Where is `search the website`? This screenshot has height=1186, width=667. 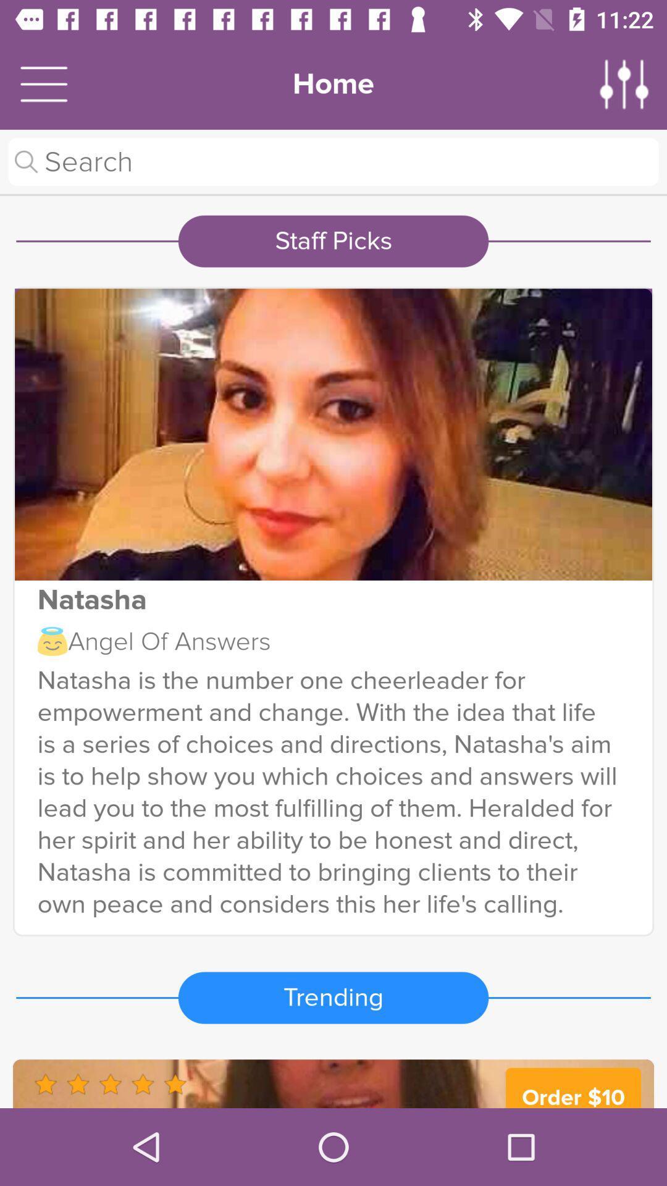 search the website is located at coordinates (333, 161).